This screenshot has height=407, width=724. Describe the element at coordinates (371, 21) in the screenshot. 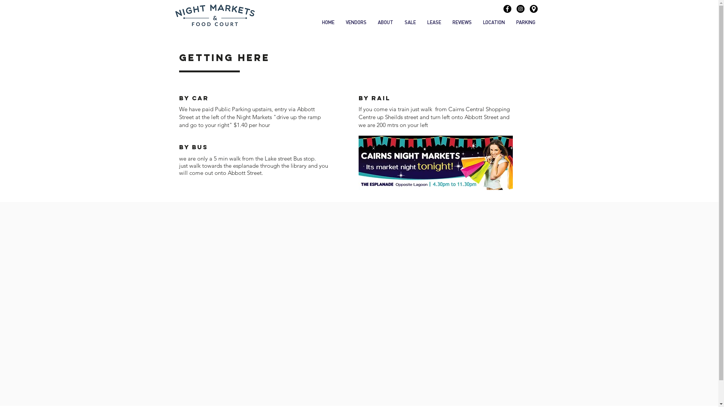

I see `'ABOUT'` at that location.